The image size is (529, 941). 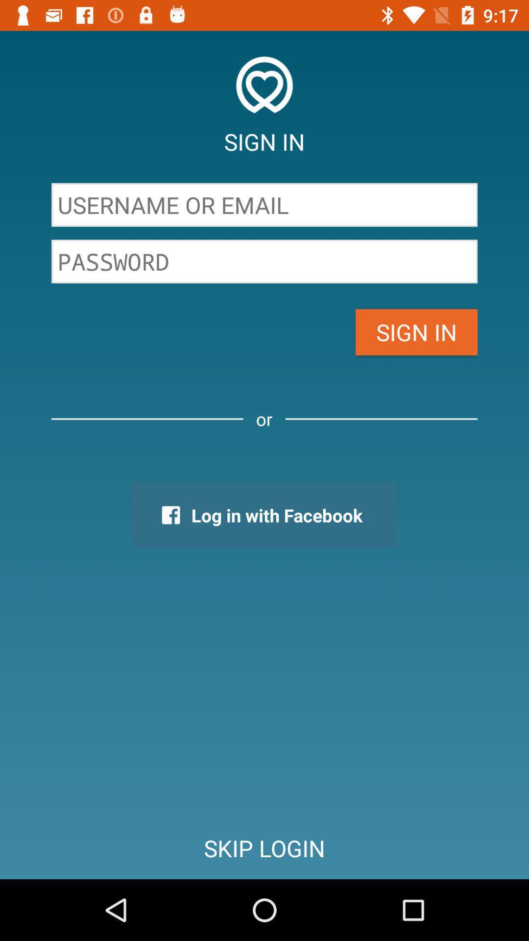 I want to click on skip login icon, so click(x=264, y=848).